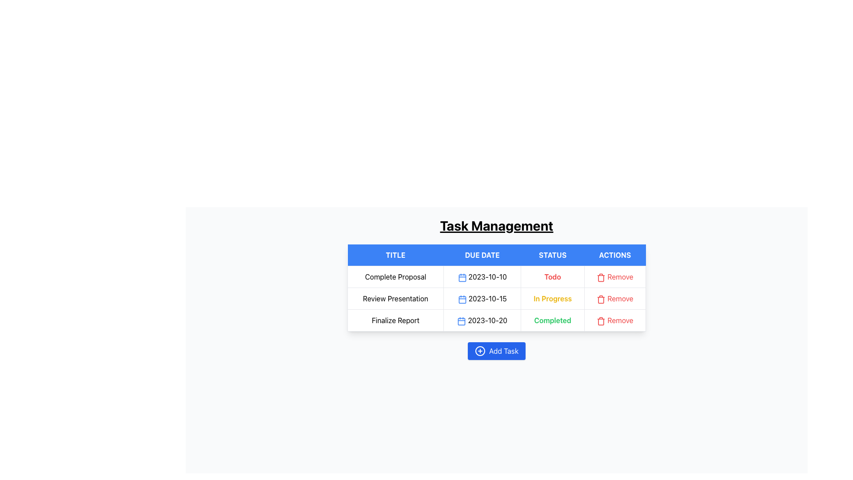 Image resolution: width=853 pixels, height=480 pixels. I want to click on the header labeled 'Title' which has a blue background and white bold text, located at the top-left corner of the table, so click(395, 255).